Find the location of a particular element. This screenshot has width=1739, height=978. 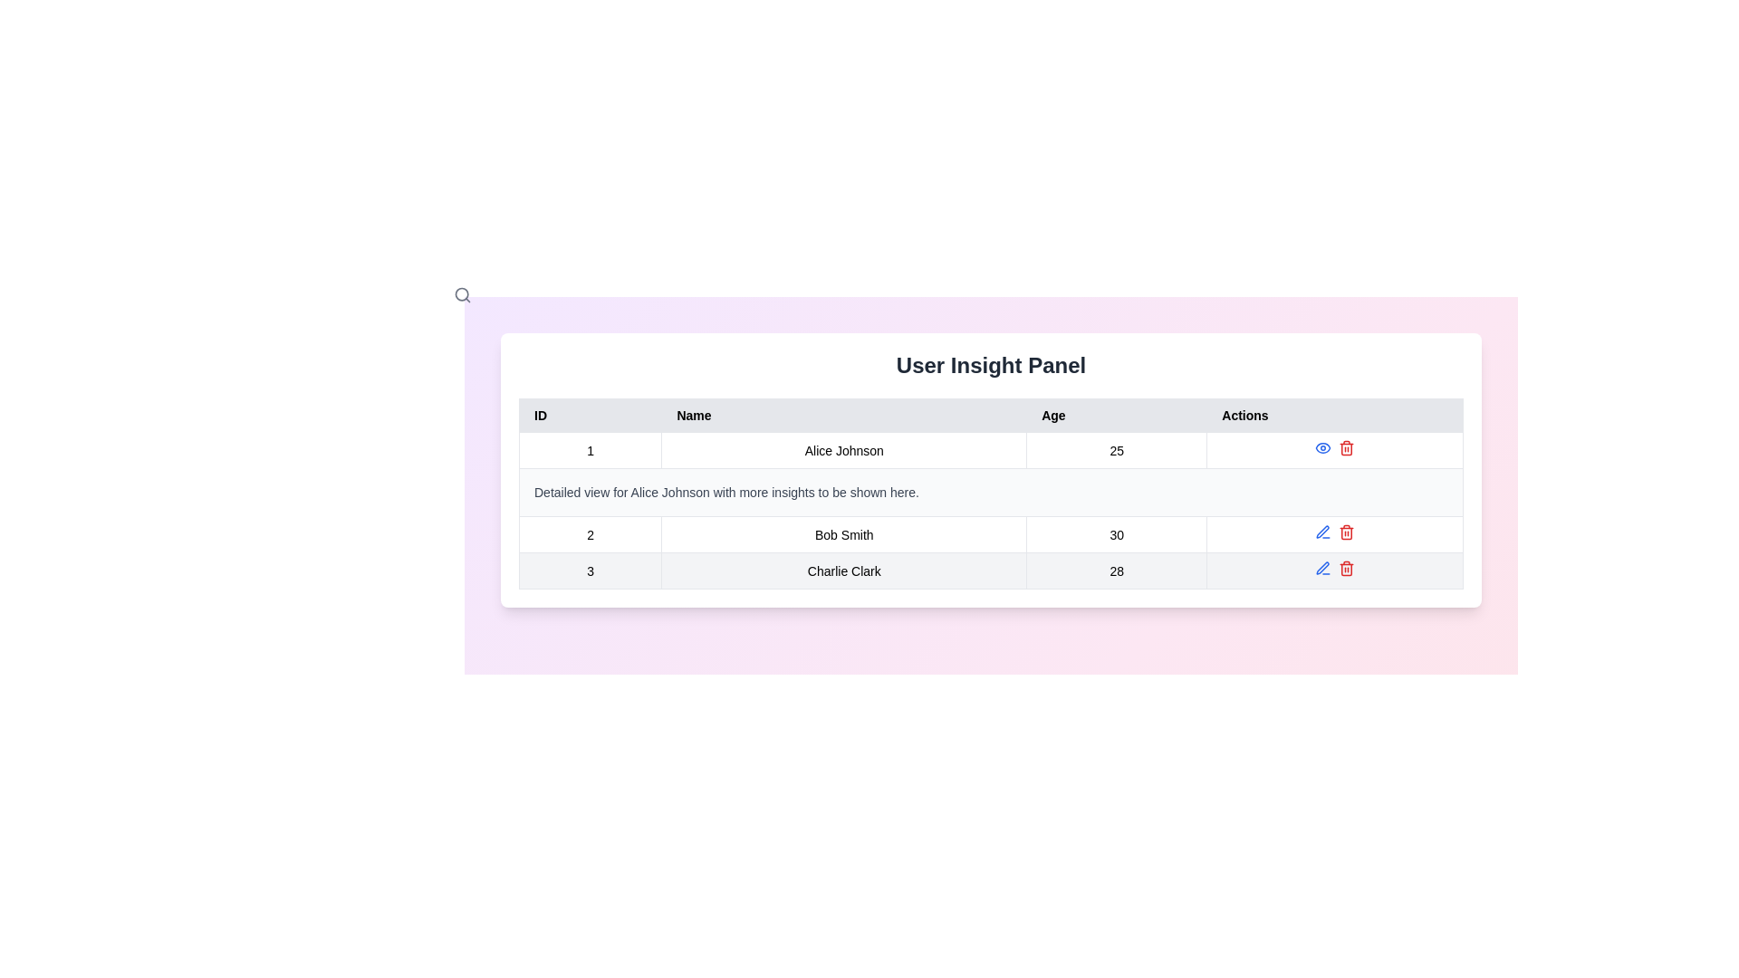

the text heading 'User Insight Panel', which is styled in bold, large font and centered above the data table is located at coordinates (990, 366).